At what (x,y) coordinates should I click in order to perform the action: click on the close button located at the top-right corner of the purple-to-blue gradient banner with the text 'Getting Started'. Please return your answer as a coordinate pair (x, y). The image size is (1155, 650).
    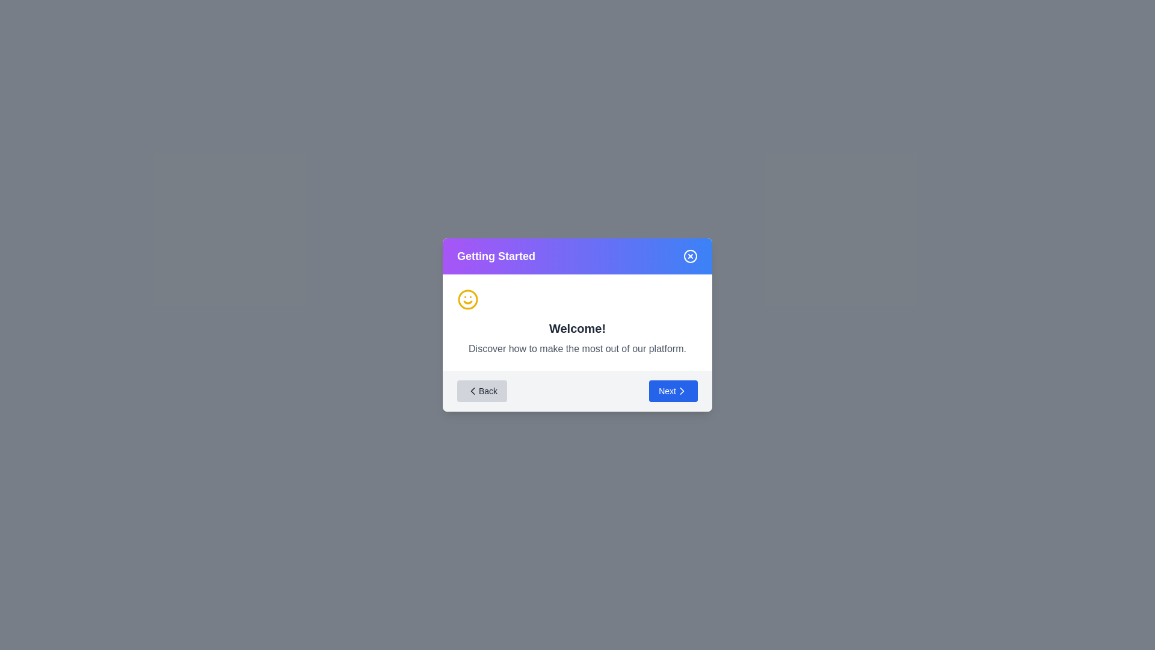
    Looking at the image, I should click on (690, 255).